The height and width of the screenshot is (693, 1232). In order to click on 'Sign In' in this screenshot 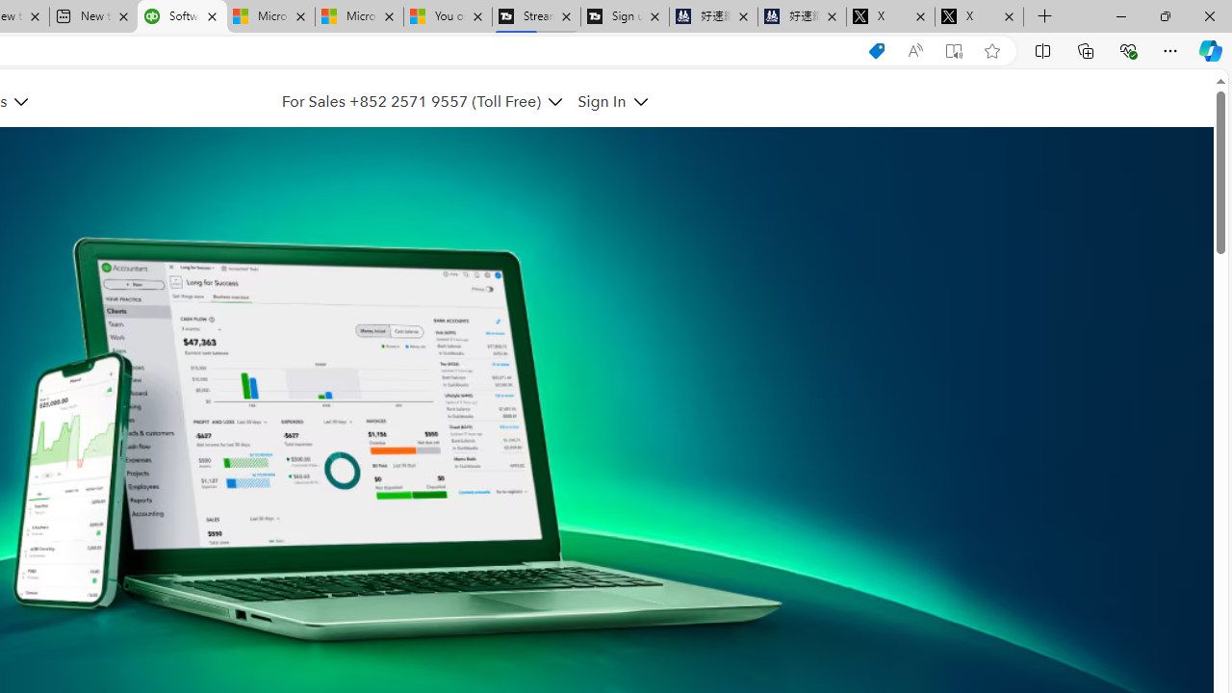, I will do `click(601, 101)`.